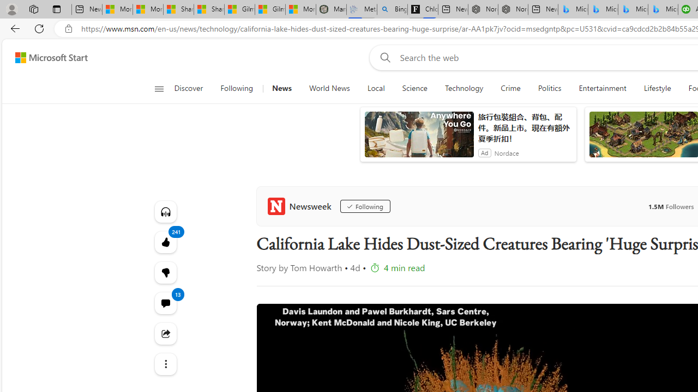  What do you see at coordinates (657, 88) in the screenshot?
I see `'Lifestyle'` at bounding box center [657, 88].